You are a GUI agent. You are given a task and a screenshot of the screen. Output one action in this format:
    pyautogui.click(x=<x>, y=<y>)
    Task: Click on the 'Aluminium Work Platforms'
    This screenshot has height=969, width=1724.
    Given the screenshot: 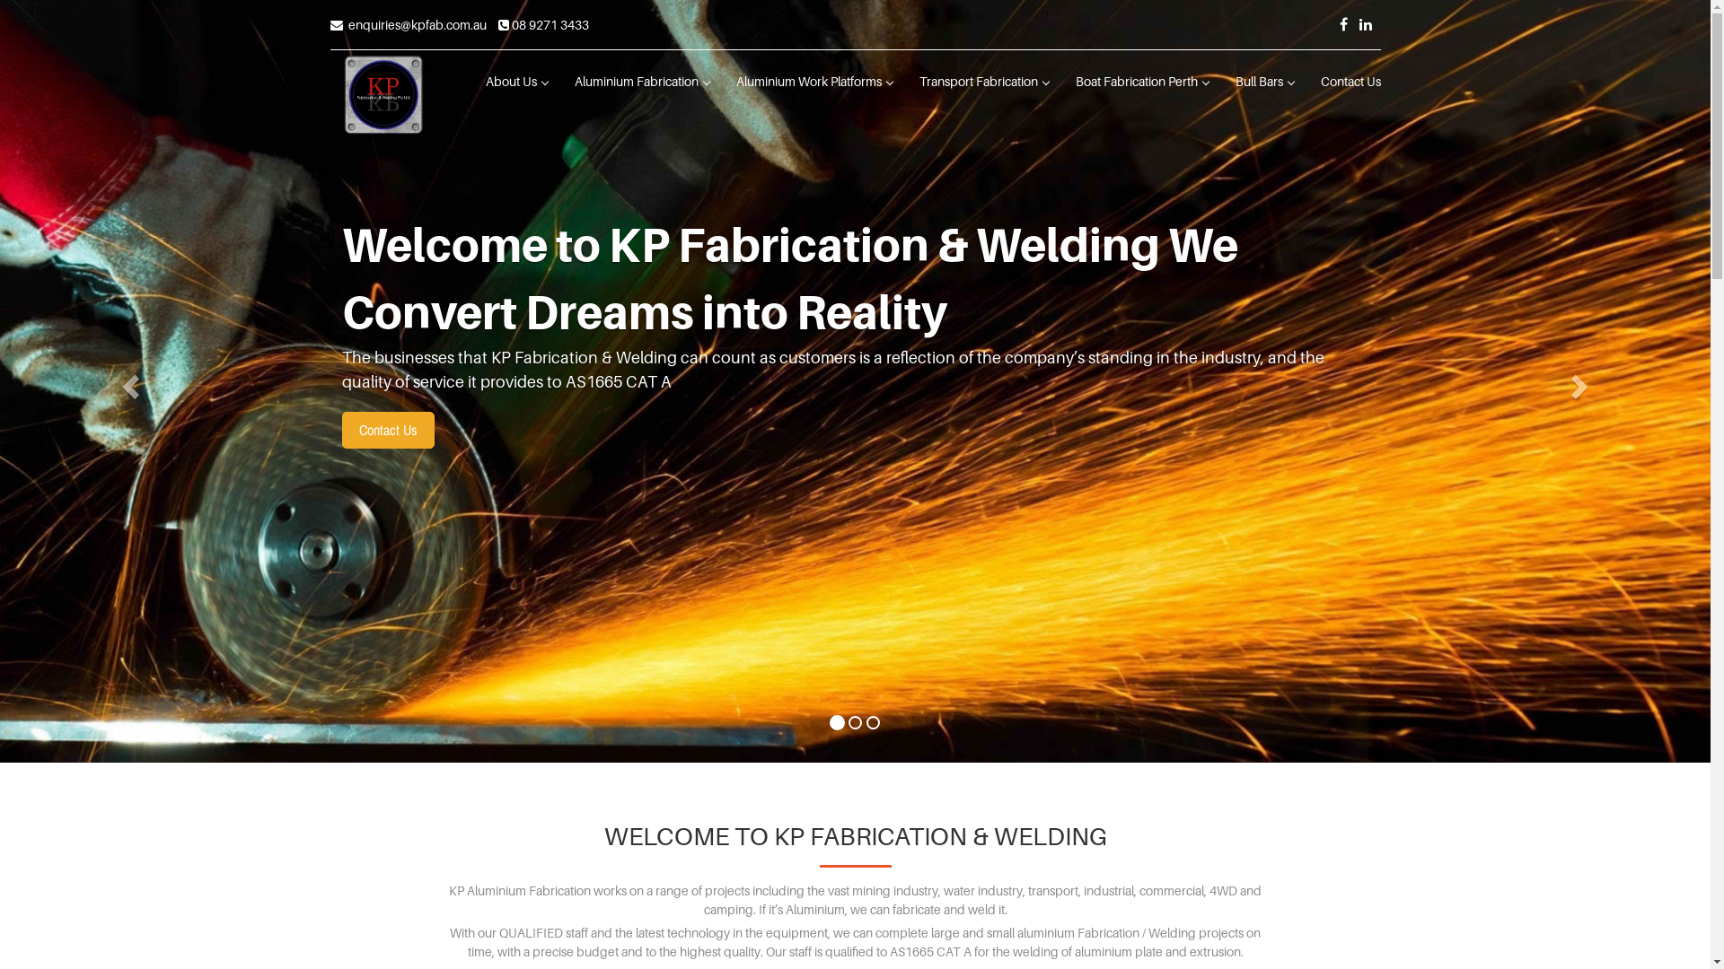 What is the action you would take?
    pyautogui.click(x=813, y=82)
    